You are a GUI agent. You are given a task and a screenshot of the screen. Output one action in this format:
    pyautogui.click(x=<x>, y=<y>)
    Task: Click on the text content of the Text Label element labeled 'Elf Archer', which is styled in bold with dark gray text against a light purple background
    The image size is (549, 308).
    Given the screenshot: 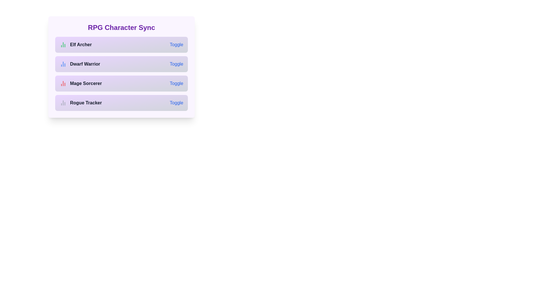 What is the action you would take?
    pyautogui.click(x=81, y=44)
    